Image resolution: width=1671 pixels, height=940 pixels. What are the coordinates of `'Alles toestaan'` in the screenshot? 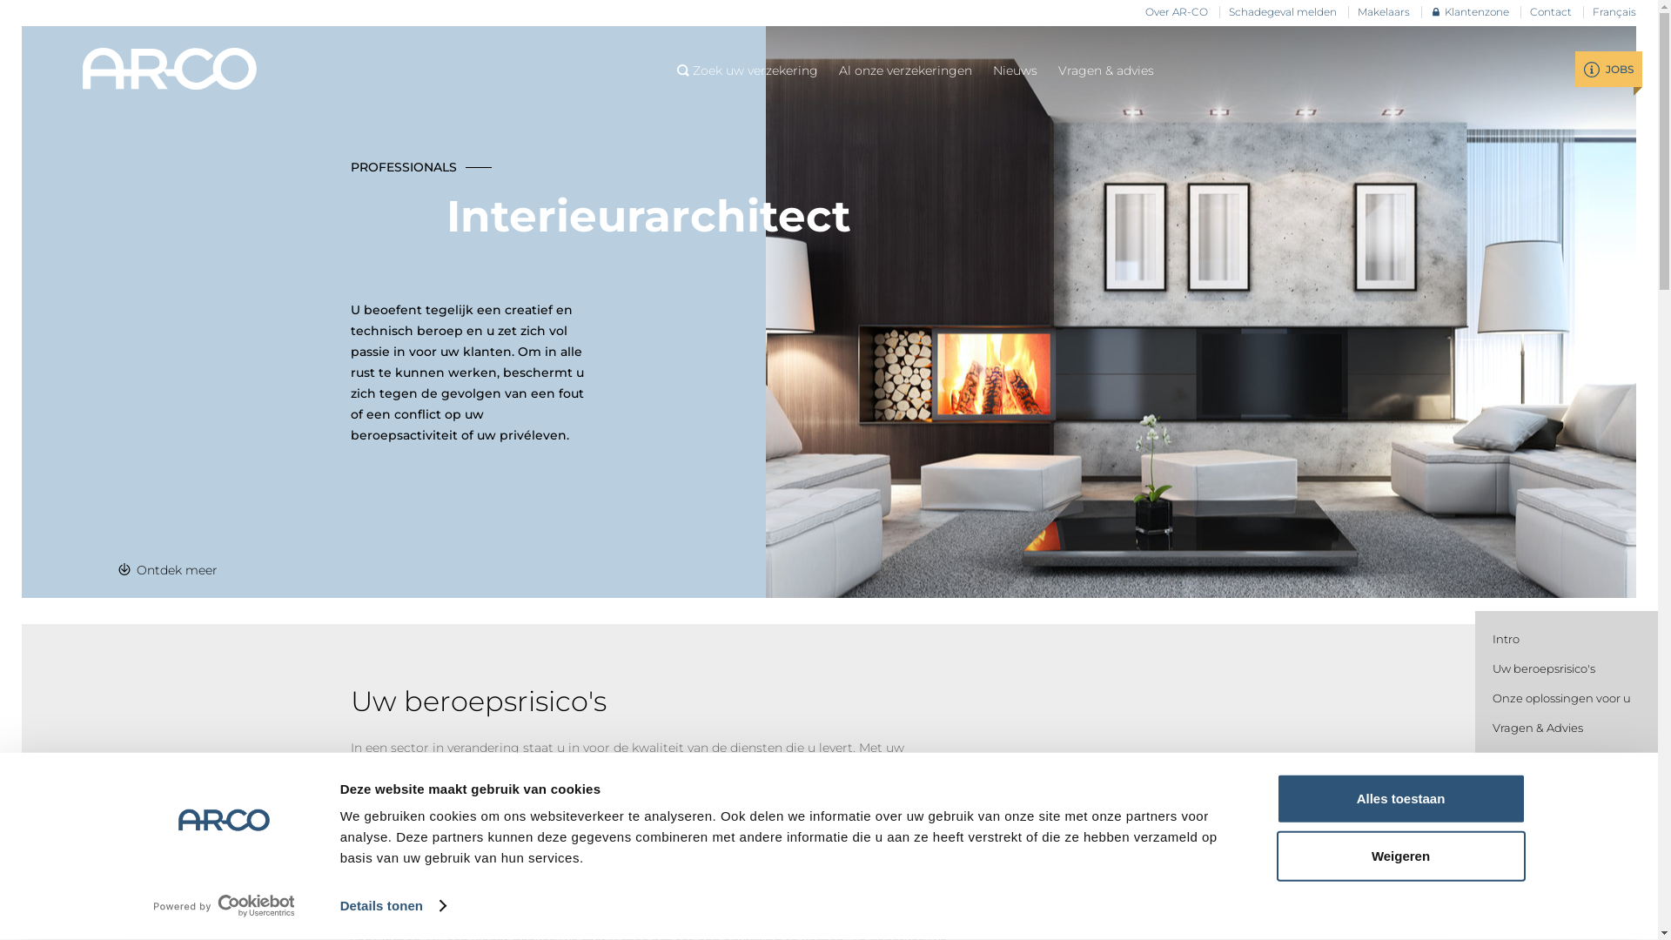 It's located at (1399, 799).